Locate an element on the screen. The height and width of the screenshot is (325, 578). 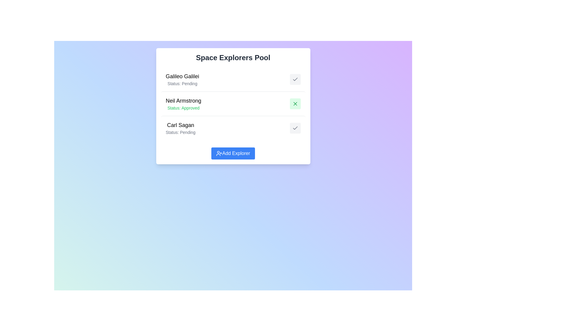
the button that initiates the action to add a new explorer to the list is located at coordinates (233, 153).